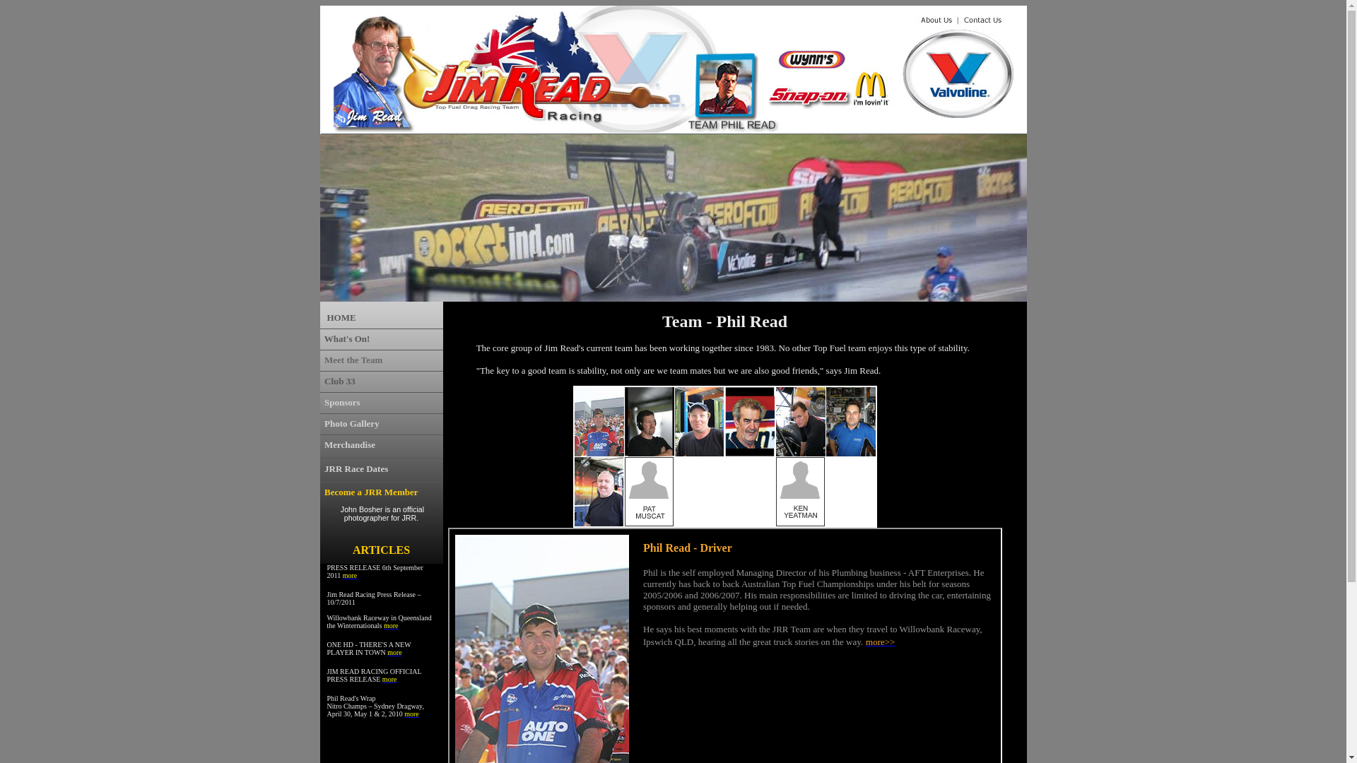 This screenshot has height=763, width=1357. I want to click on 'Become a JRR Member', so click(370, 491).